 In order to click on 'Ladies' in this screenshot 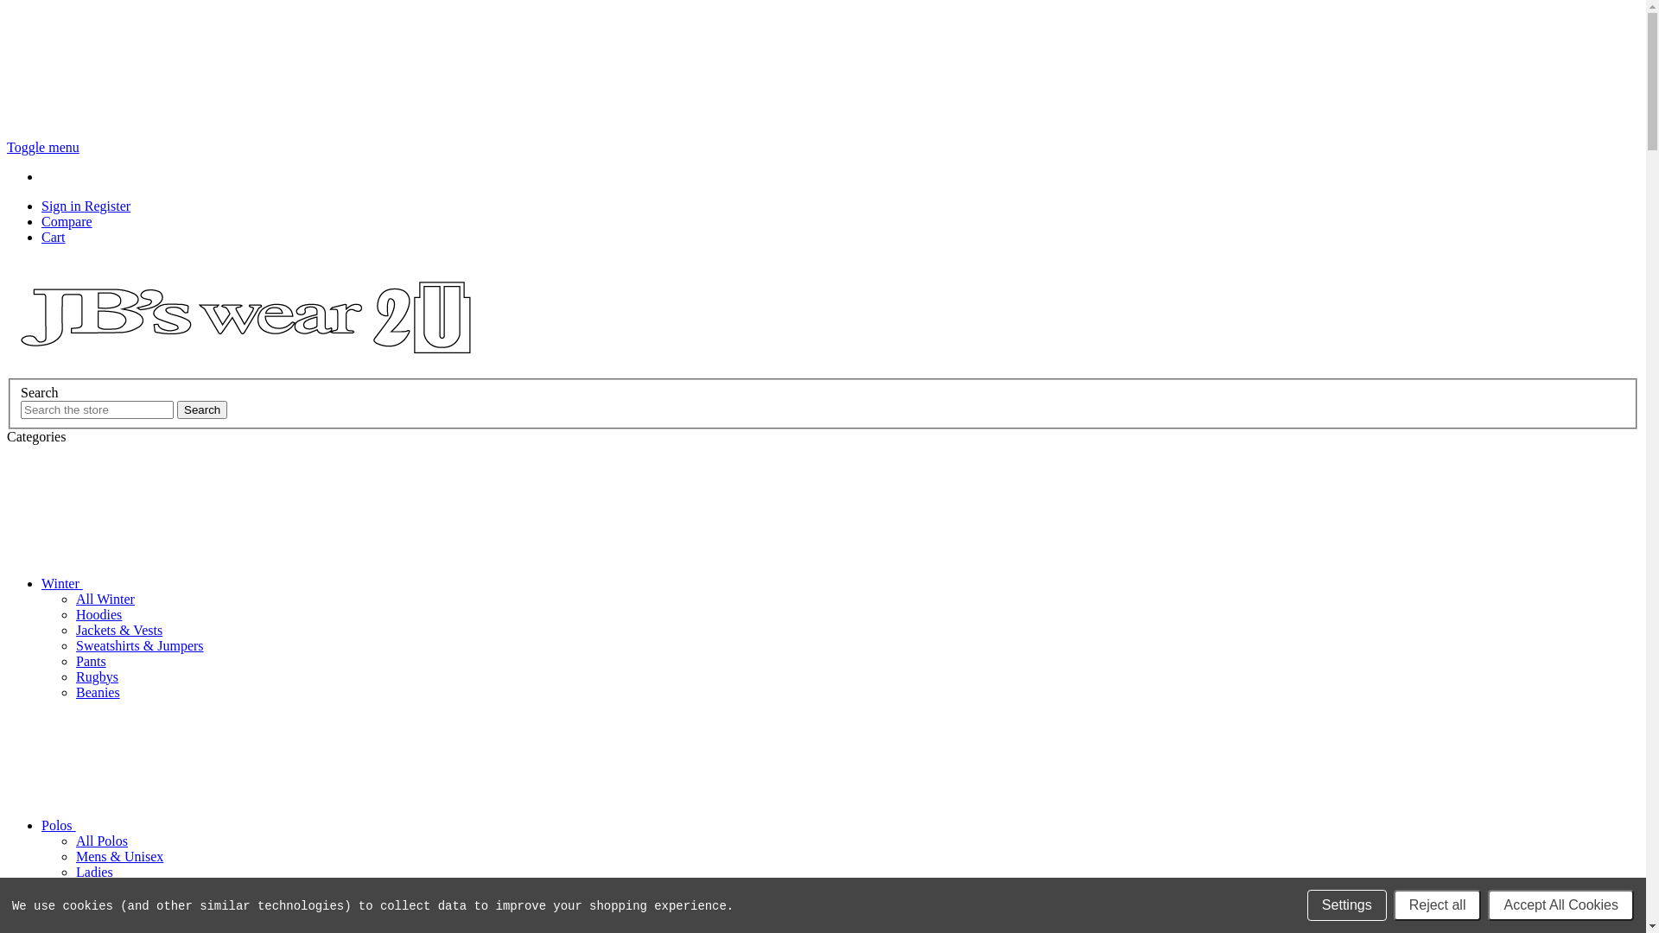, I will do `click(93, 872)`.